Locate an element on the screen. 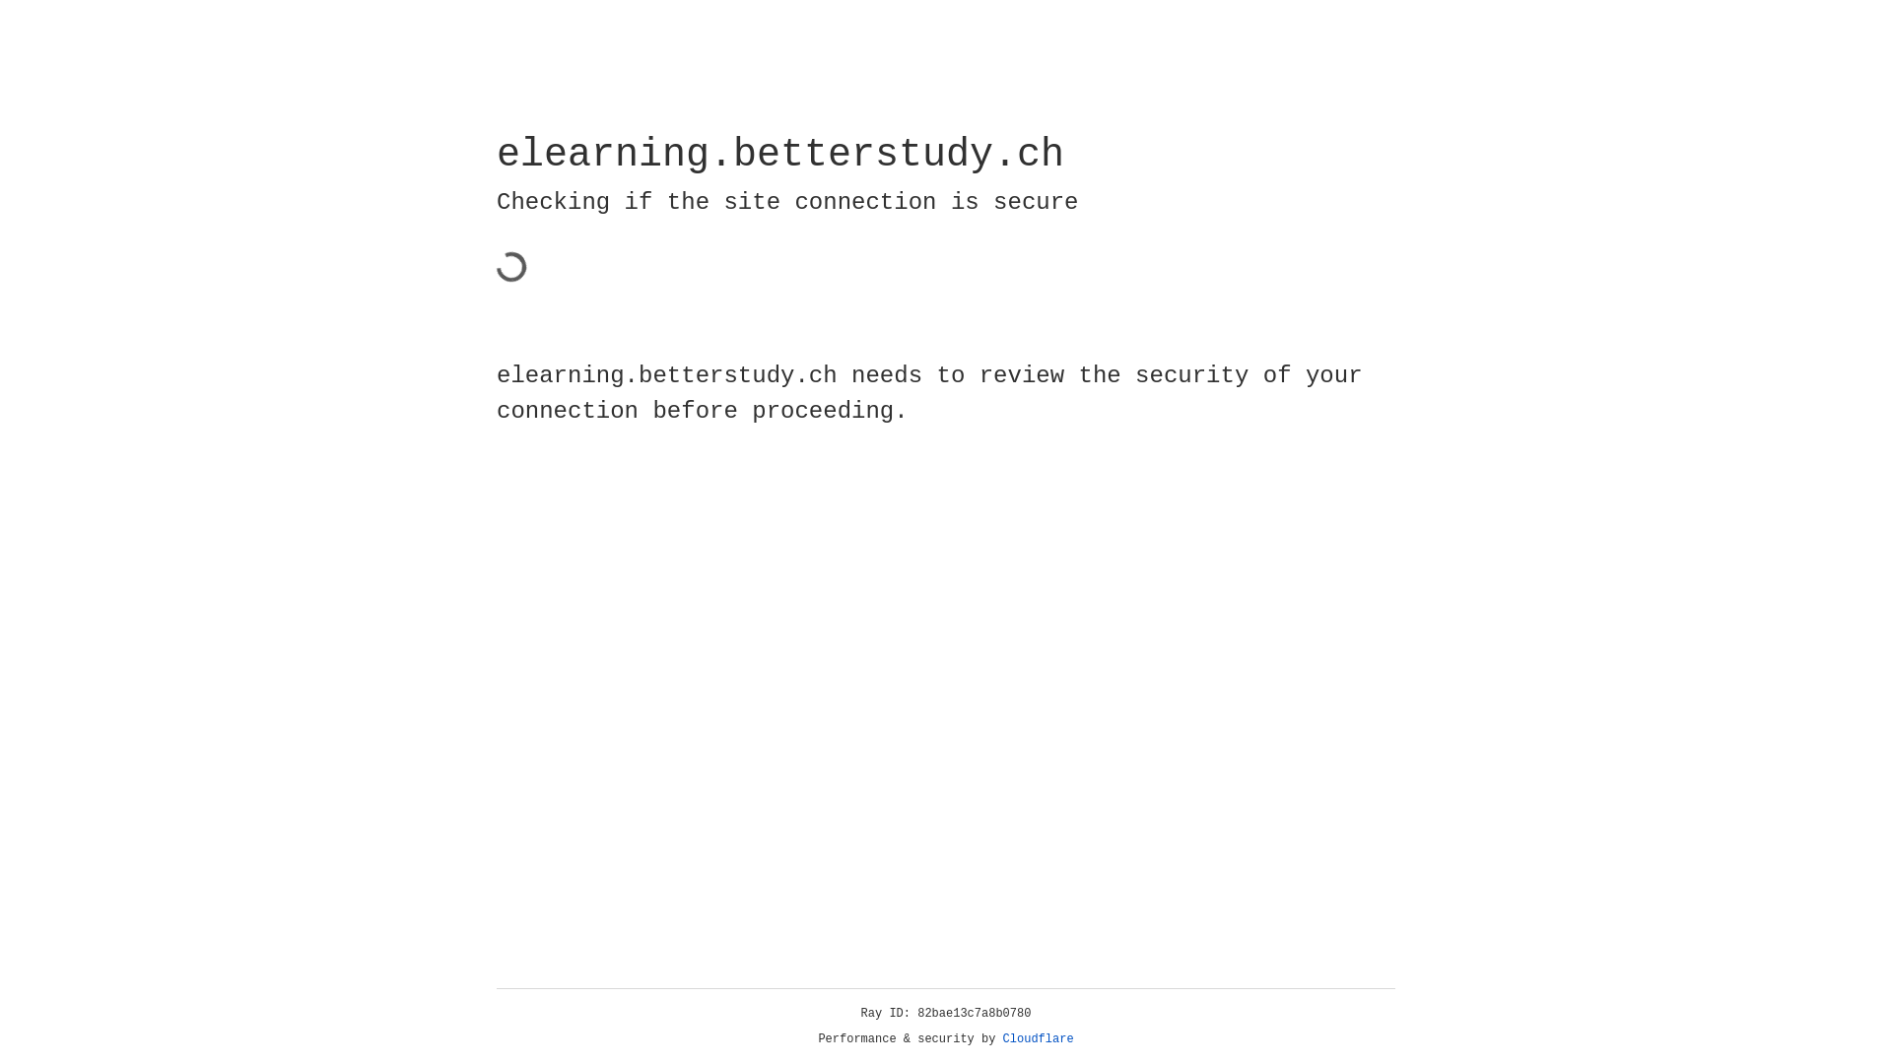  'Cloudflare' is located at coordinates (1038, 1038).